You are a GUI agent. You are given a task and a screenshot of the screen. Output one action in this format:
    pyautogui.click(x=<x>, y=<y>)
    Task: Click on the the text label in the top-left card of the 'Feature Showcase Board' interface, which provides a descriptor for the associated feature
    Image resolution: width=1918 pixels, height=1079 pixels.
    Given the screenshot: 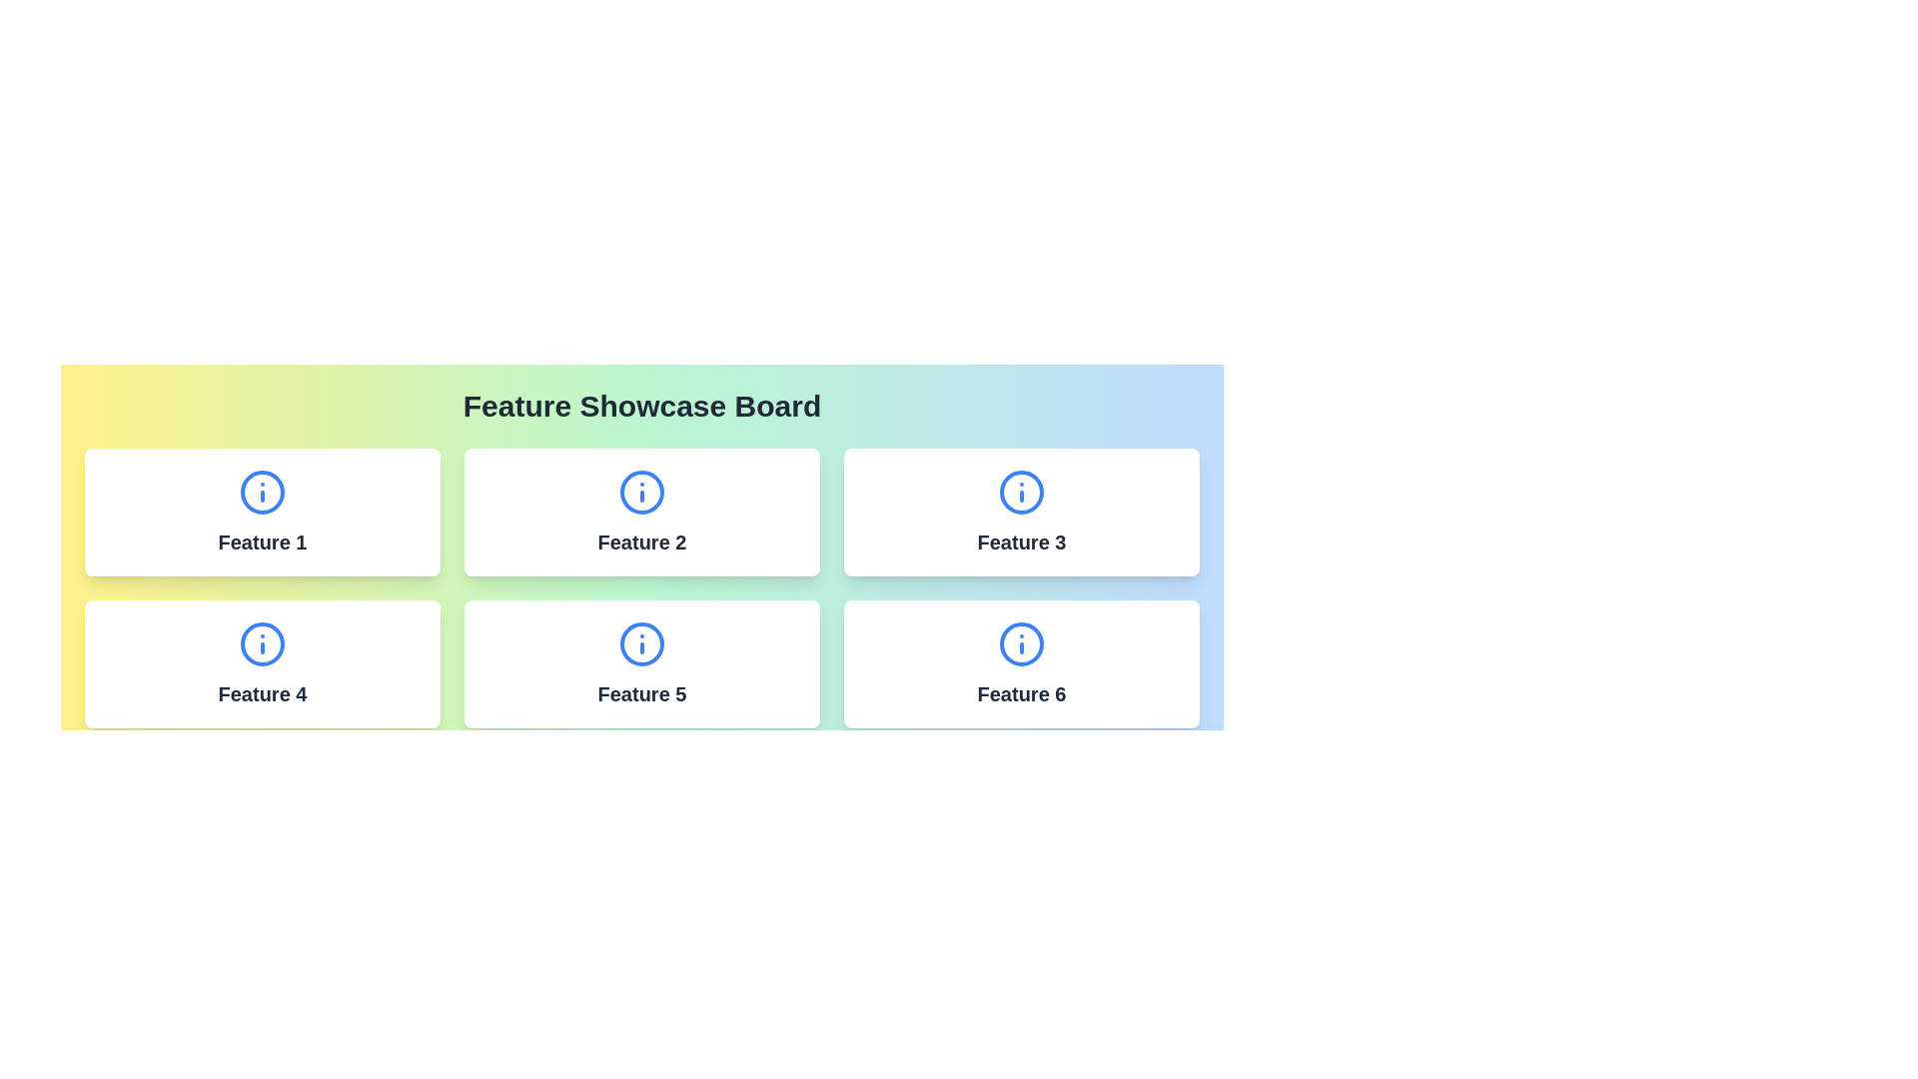 What is the action you would take?
    pyautogui.click(x=262, y=542)
    